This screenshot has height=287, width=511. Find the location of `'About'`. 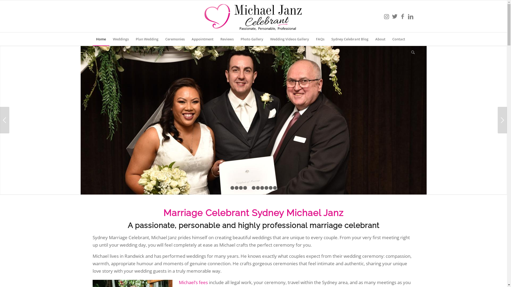

'About' is located at coordinates (380, 39).